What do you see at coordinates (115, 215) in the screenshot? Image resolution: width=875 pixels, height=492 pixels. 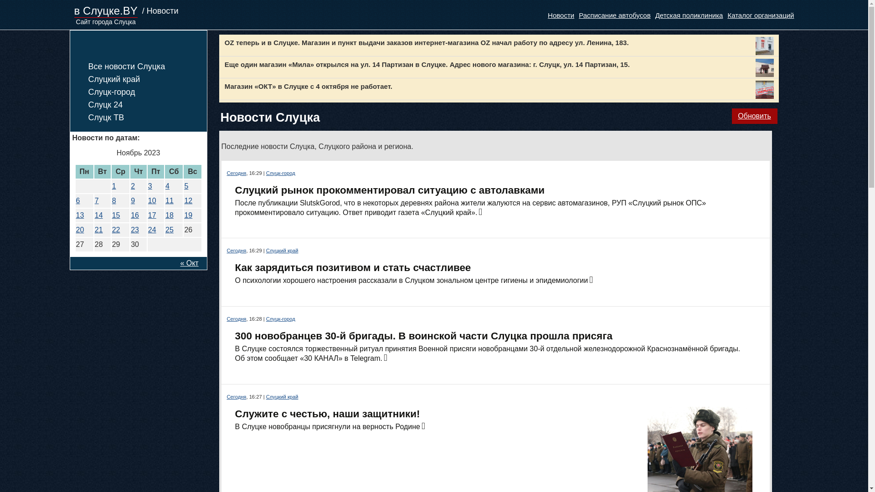 I see `'15'` at bounding box center [115, 215].